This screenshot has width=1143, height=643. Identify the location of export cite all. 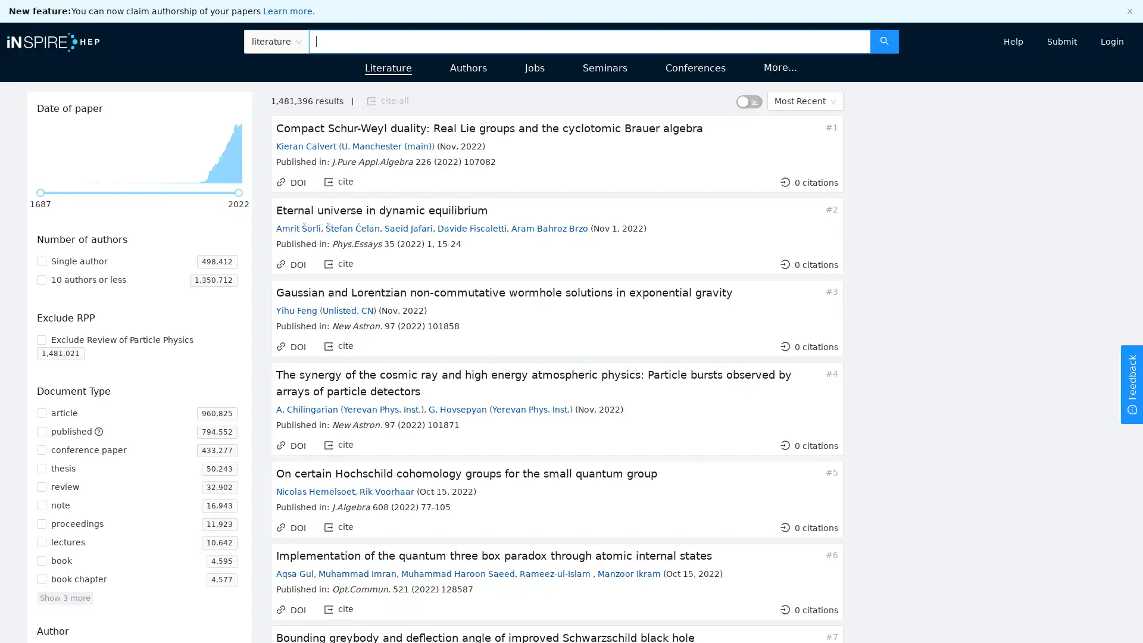
(387, 100).